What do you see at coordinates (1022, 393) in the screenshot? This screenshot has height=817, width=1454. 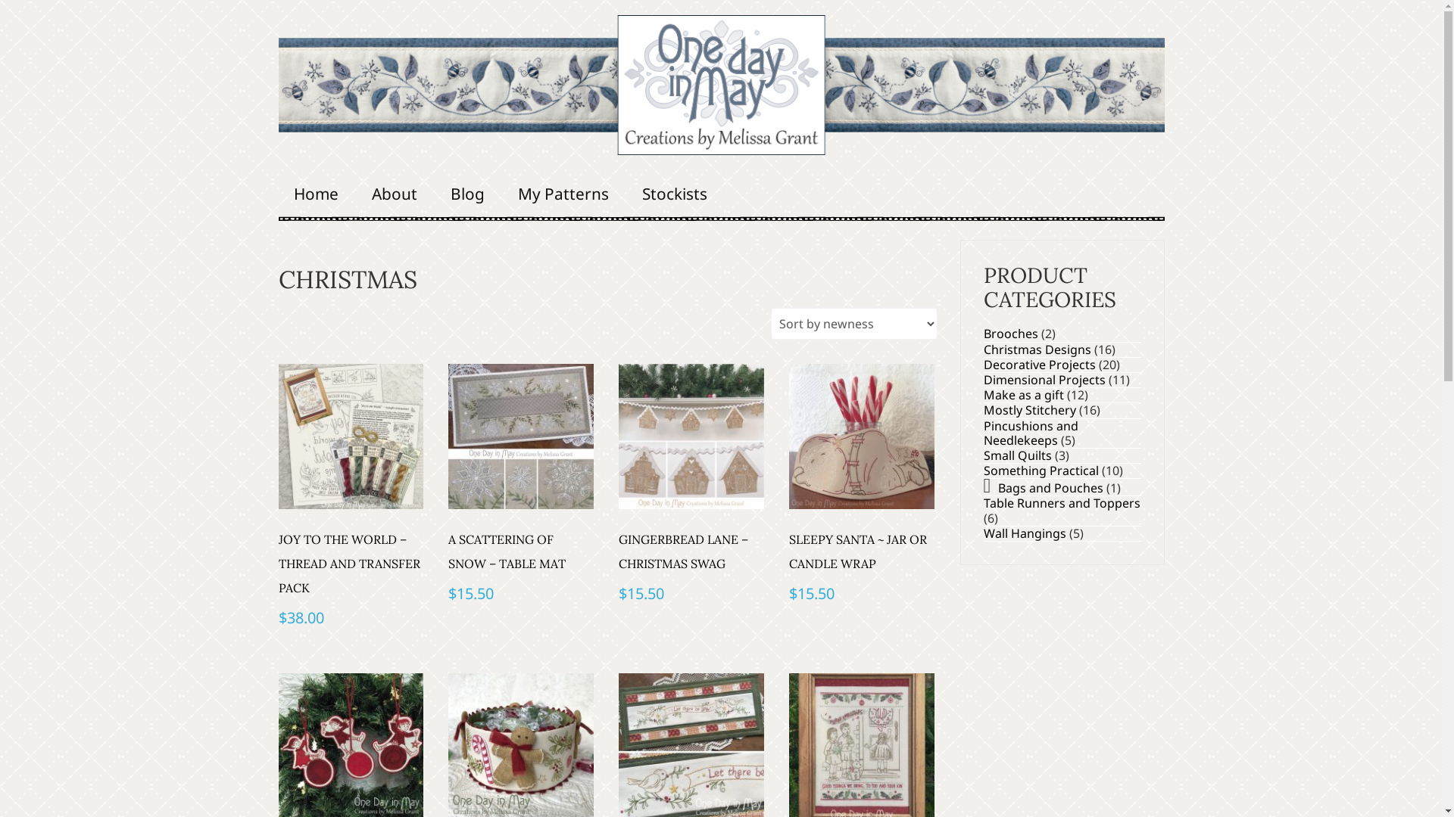 I see `'Make as a gift'` at bounding box center [1022, 393].